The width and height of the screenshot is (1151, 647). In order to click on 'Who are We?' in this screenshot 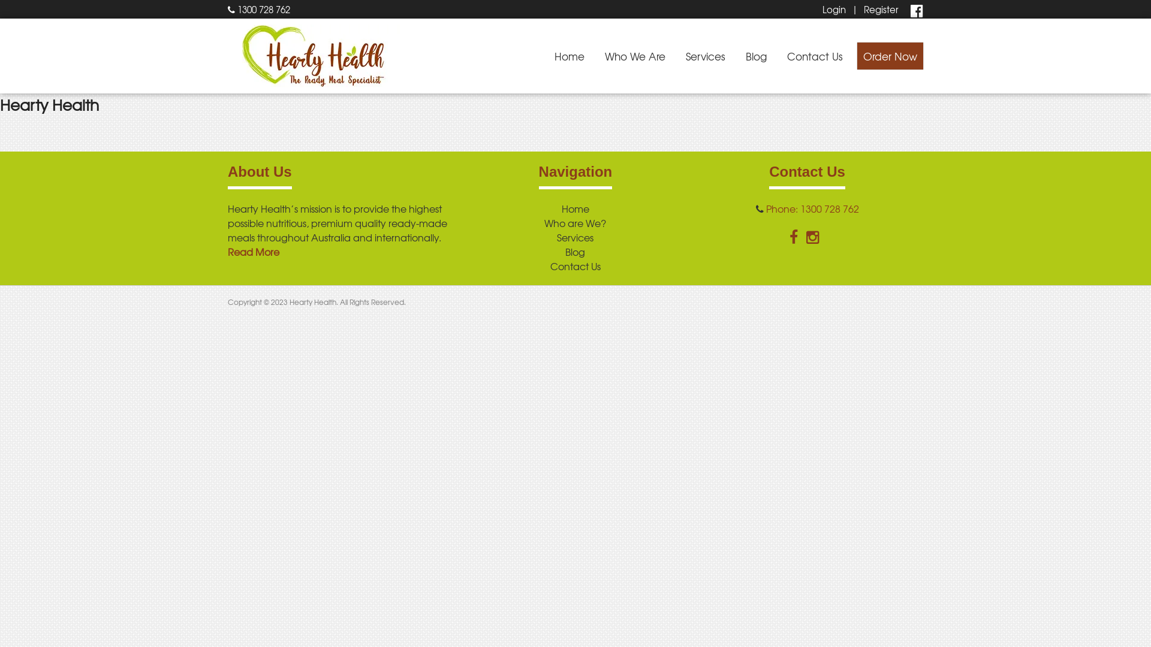, I will do `click(574, 222)`.